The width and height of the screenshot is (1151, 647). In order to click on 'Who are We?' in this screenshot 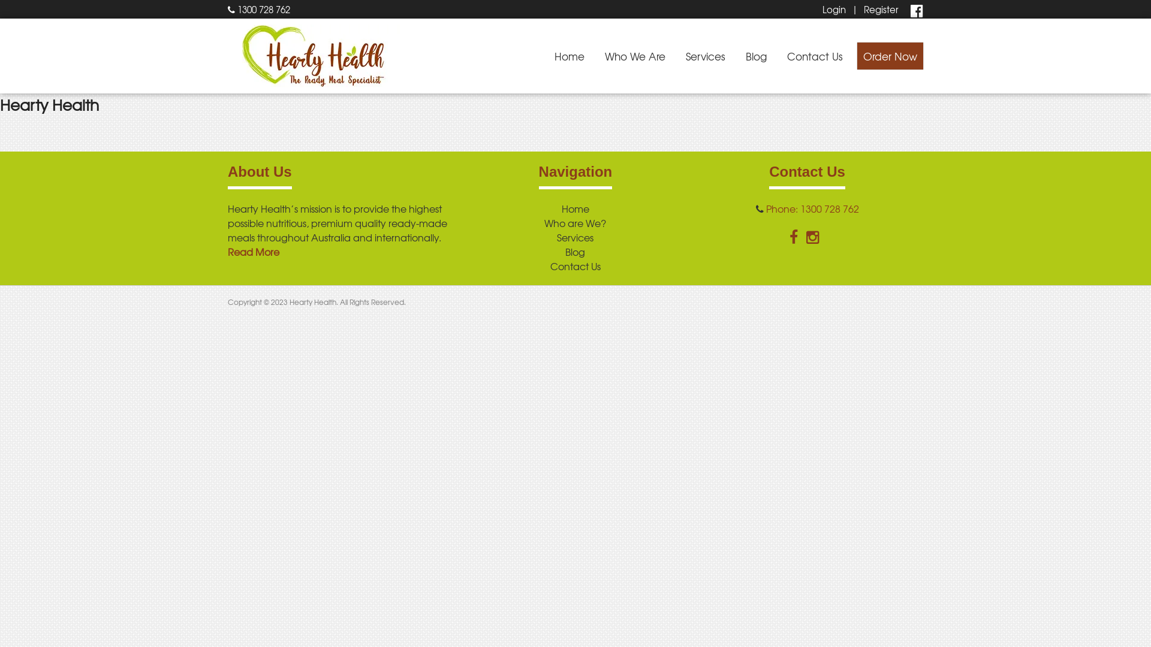, I will do `click(574, 222)`.